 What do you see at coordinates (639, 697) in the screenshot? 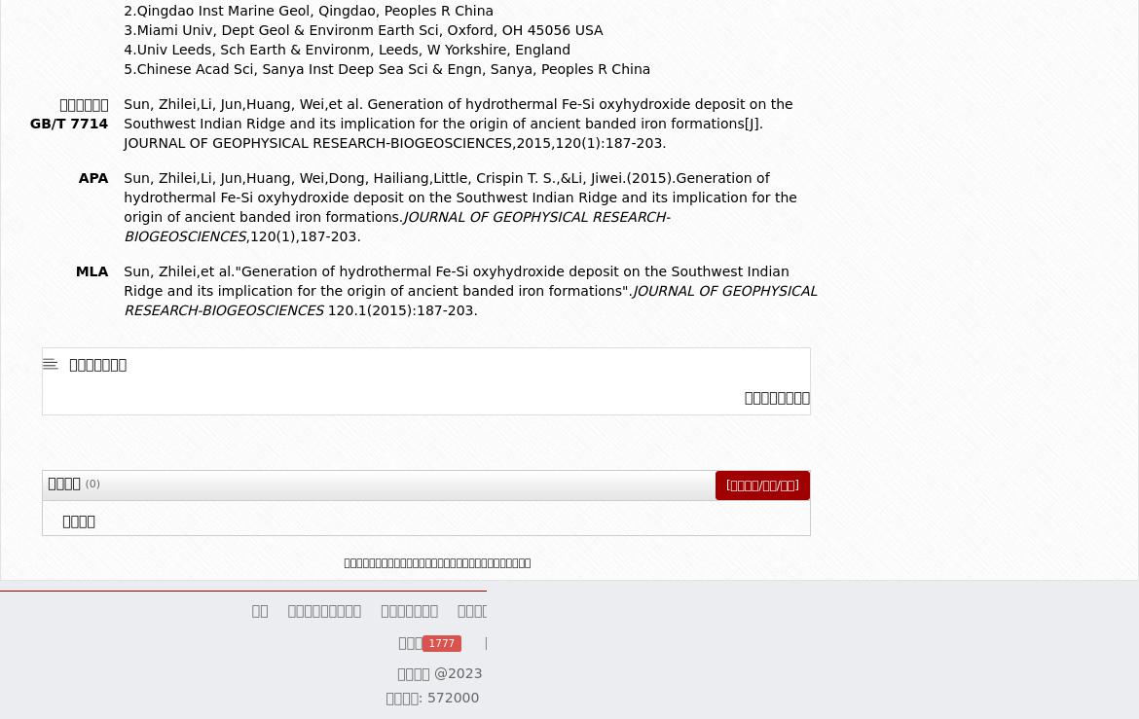
I see `'琼ICP备13001552号-1'` at bounding box center [639, 697].